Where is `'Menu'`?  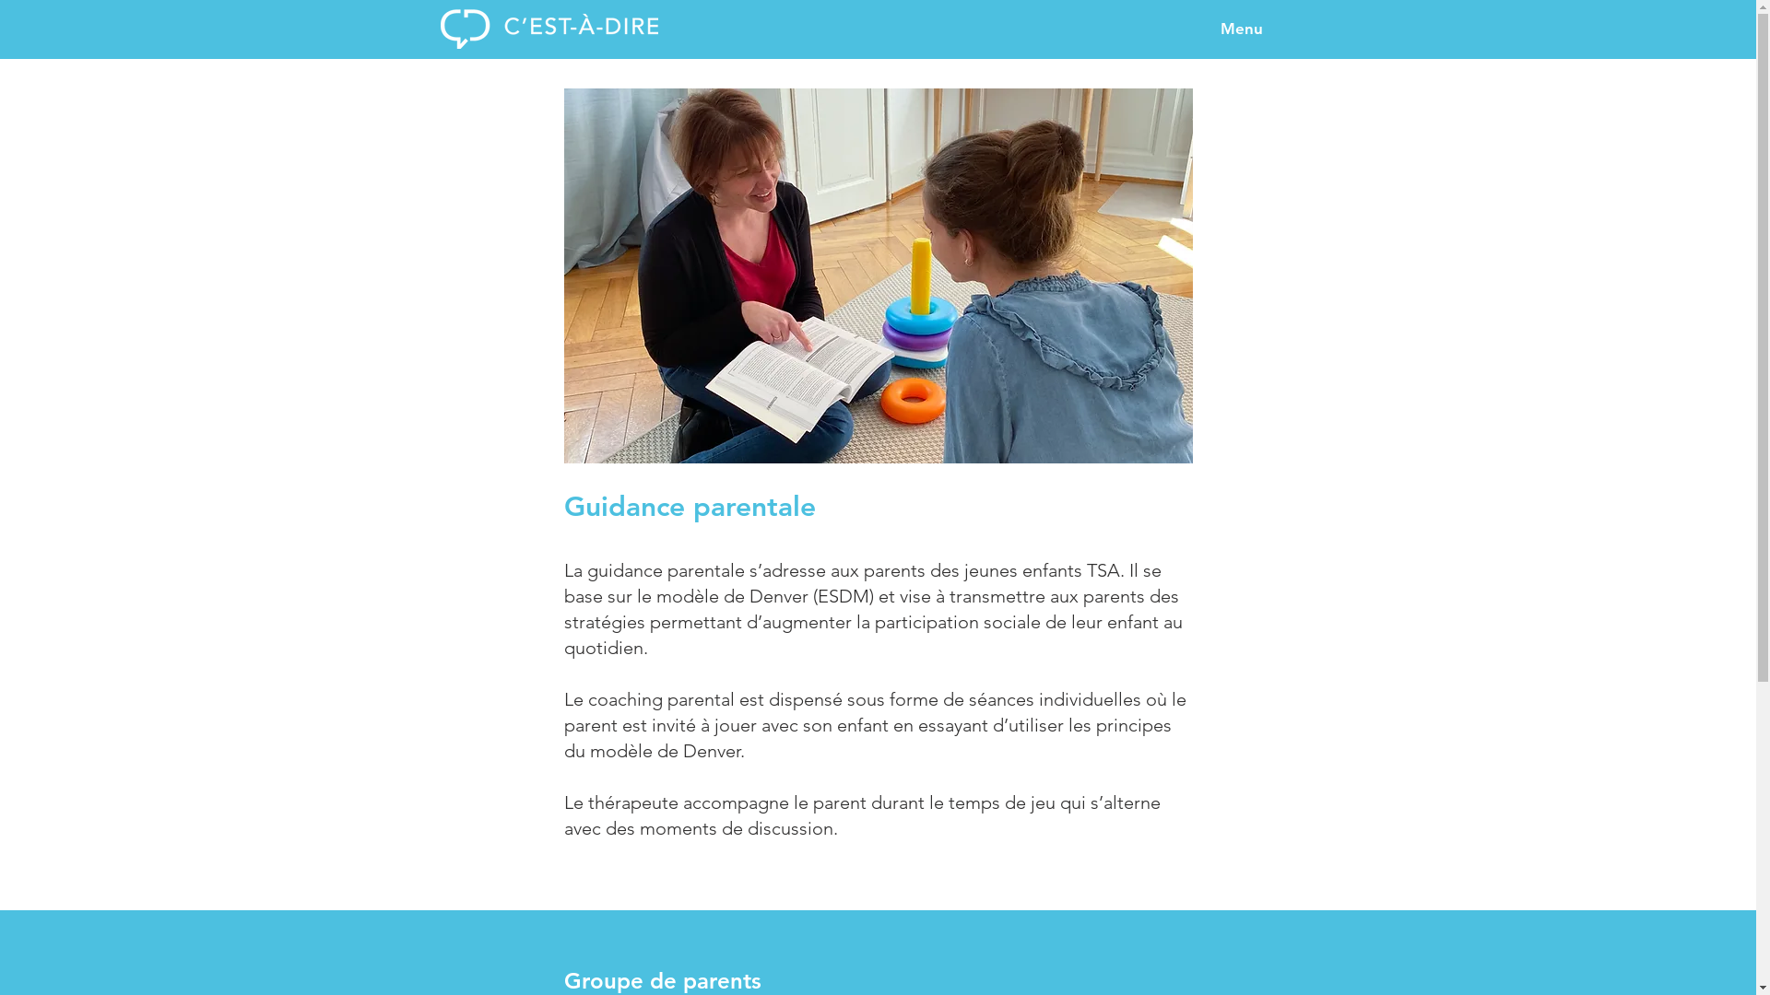
'Menu' is located at coordinates (1172, 29).